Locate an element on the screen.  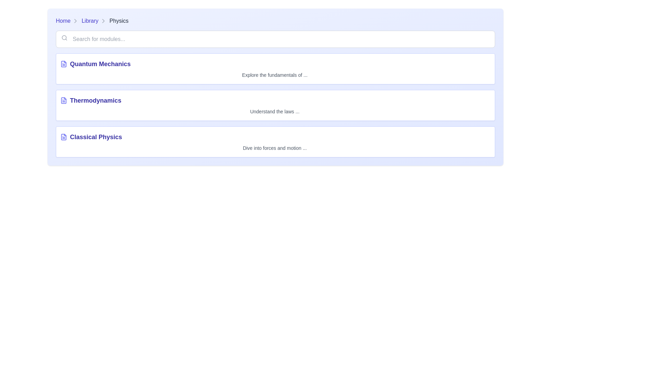
the 'Home' text link in the breadcrumb navigation is located at coordinates (63, 21).